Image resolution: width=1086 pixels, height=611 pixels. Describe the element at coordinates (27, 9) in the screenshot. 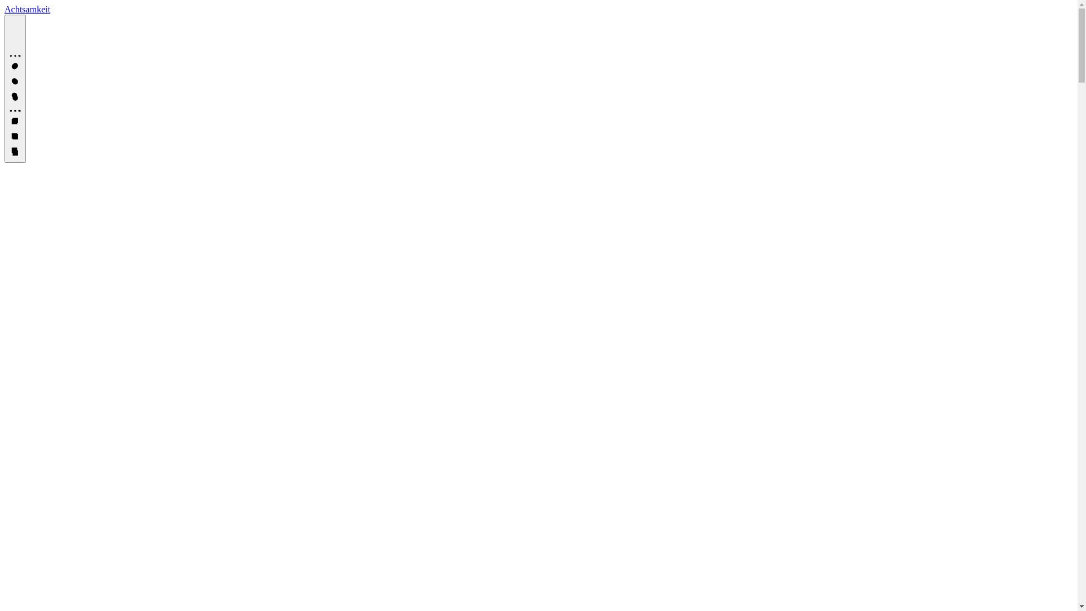

I see `'Achtsamkeit'` at that location.